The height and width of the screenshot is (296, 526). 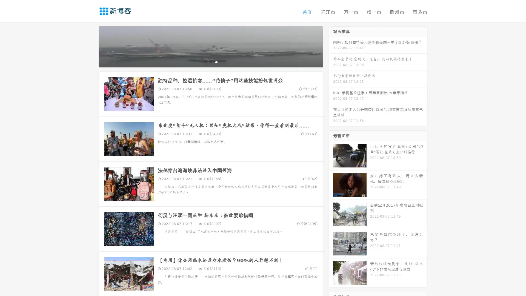 What do you see at coordinates (331, 46) in the screenshot?
I see `Next slide` at bounding box center [331, 46].